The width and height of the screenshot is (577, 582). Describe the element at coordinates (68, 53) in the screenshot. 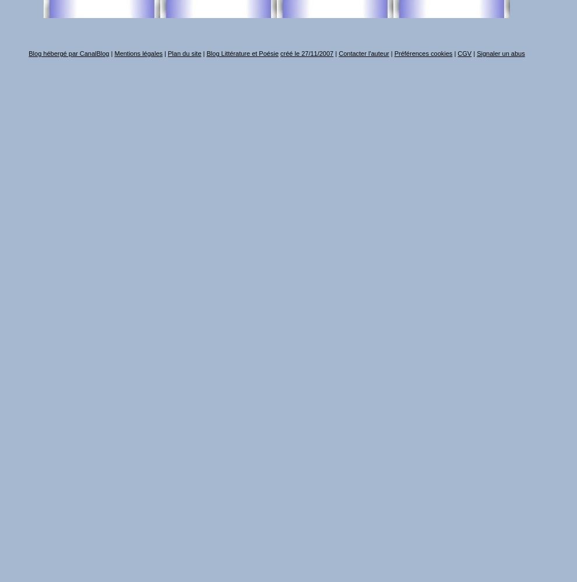

I see `'Blog hébergé par CanalBlog'` at that location.